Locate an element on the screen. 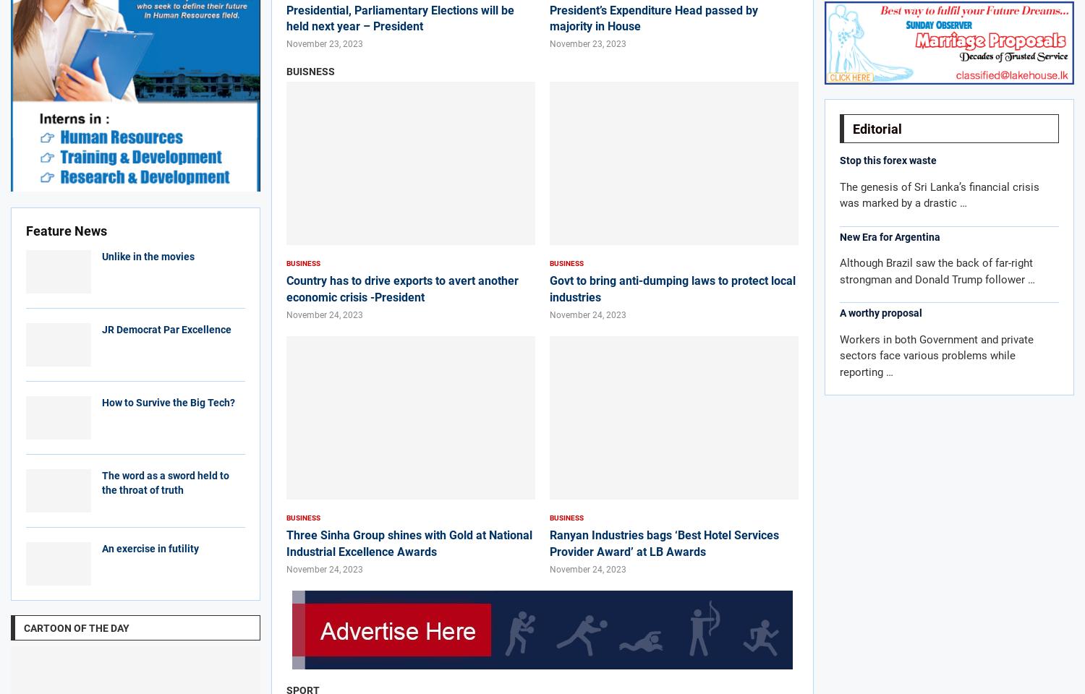 The image size is (1085, 694). 'Govt to bring anti-dumping laws to protect local industries' is located at coordinates (673, 288).